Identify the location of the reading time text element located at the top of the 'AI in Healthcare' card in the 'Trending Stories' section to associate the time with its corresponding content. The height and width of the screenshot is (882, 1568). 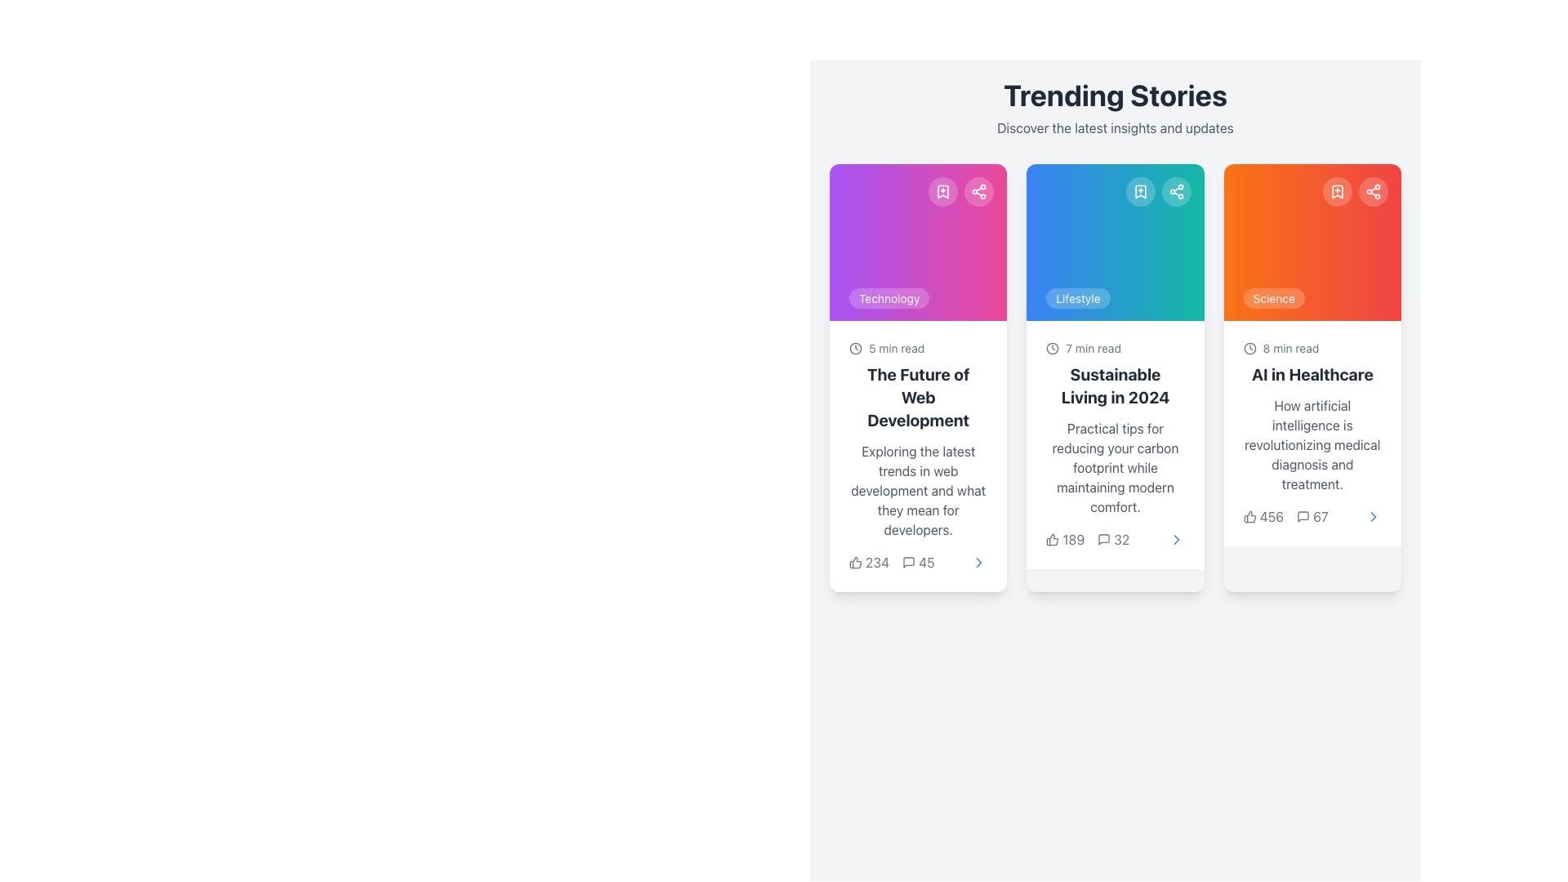
(1312, 348).